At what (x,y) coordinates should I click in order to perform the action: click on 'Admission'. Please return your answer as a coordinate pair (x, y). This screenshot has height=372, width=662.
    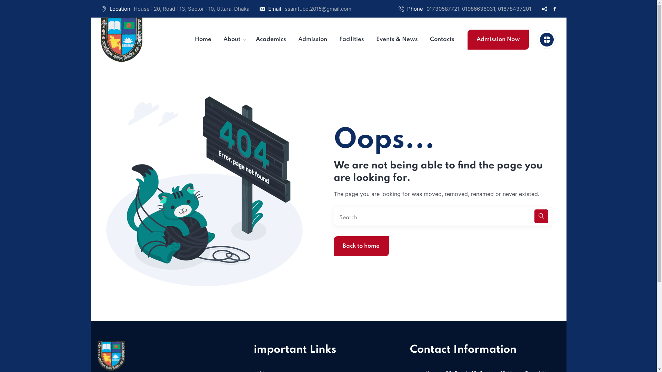
    Looking at the image, I should click on (312, 40).